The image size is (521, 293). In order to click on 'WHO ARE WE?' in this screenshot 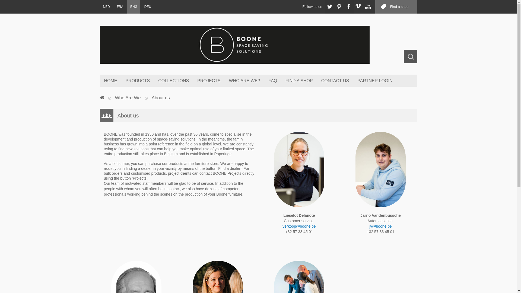, I will do `click(244, 81)`.